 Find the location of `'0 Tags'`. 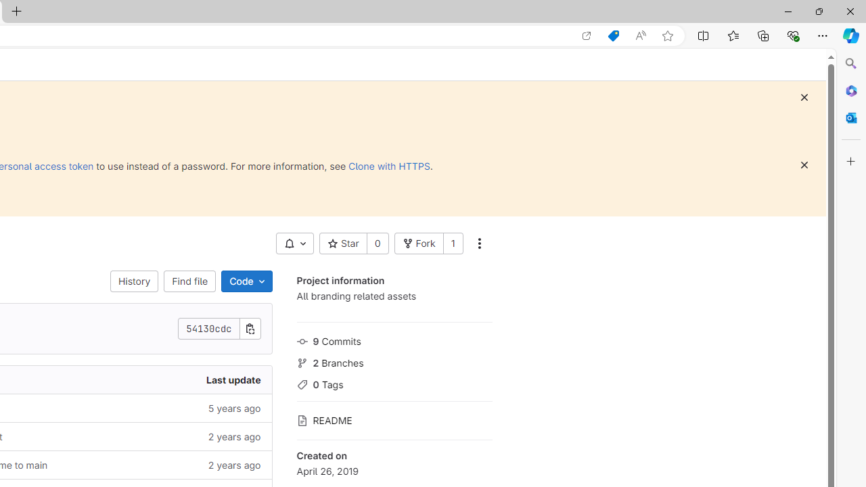

'0 Tags' is located at coordinates (394, 384).